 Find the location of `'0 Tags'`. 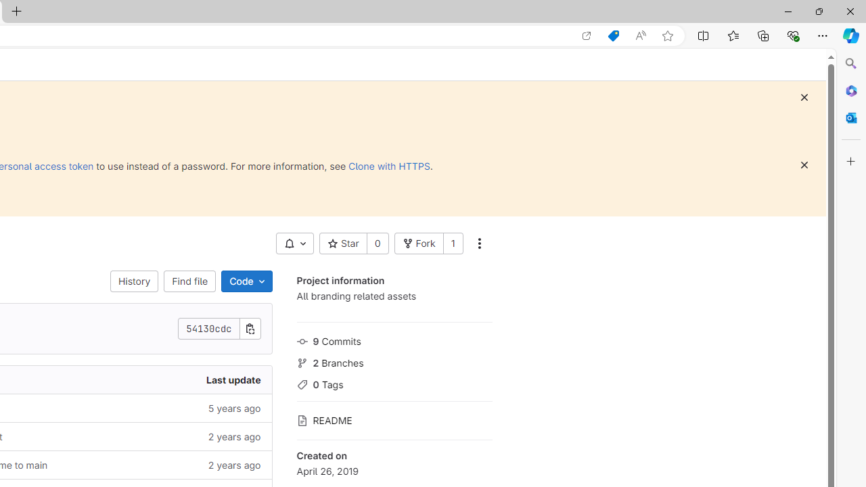

'0 Tags' is located at coordinates (394, 384).